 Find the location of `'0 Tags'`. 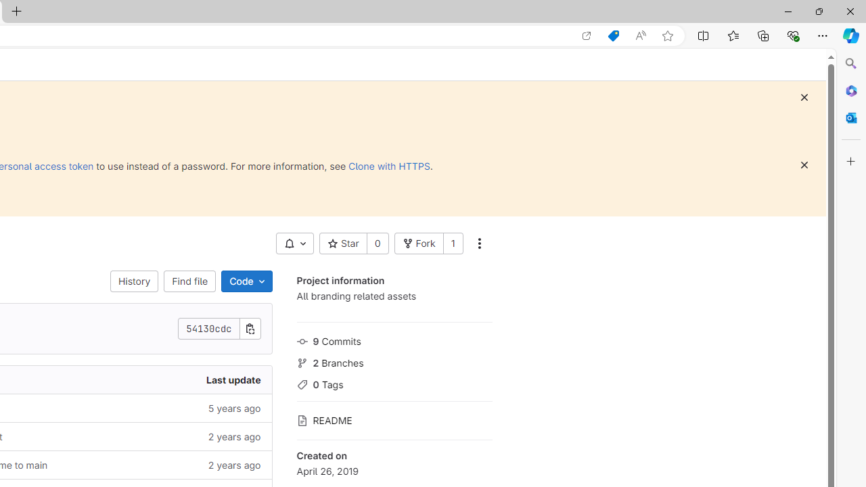

'0 Tags' is located at coordinates (394, 384).